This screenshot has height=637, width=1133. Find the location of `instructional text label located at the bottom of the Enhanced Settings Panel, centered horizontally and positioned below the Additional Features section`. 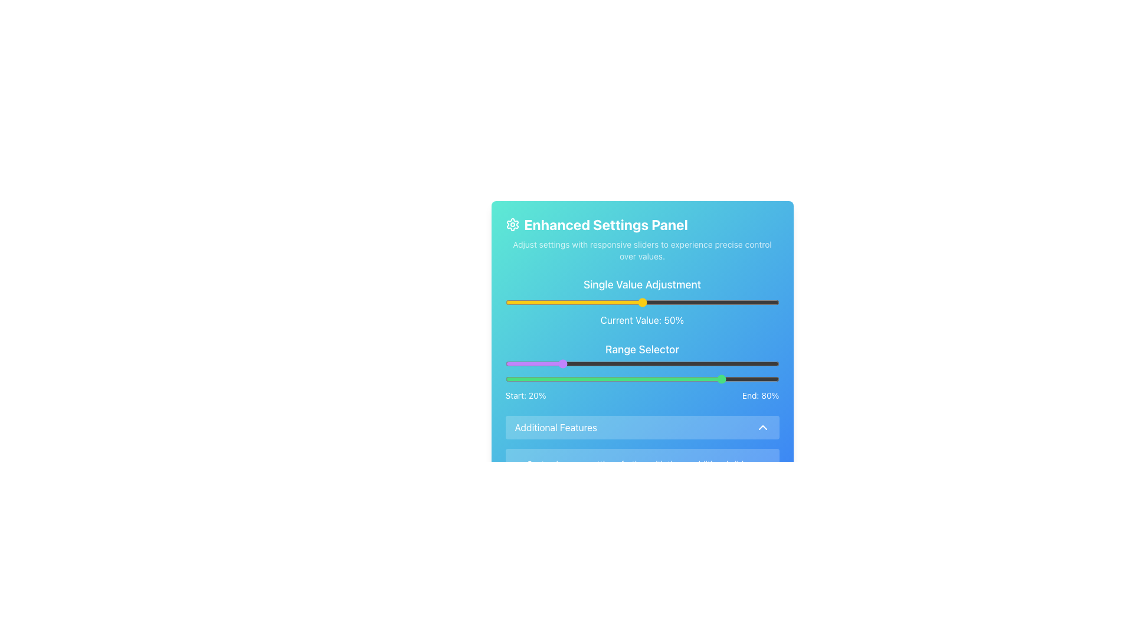

instructional text label located at the bottom of the Enhanced Settings Panel, centered horizontally and positioned below the Additional Features section is located at coordinates (641, 463).